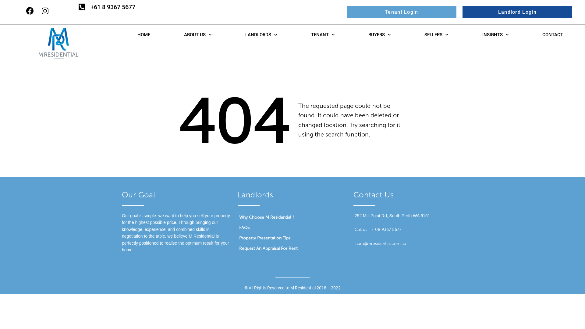 This screenshot has width=585, height=329. What do you see at coordinates (402, 12) in the screenshot?
I see `'Tenant Login'` at bounding box center [402, 12].